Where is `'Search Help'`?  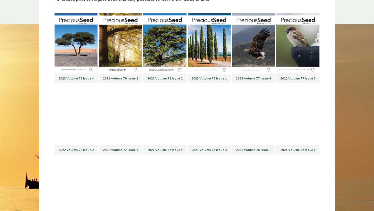 'Search Help' is located at coordinates (190, 140).